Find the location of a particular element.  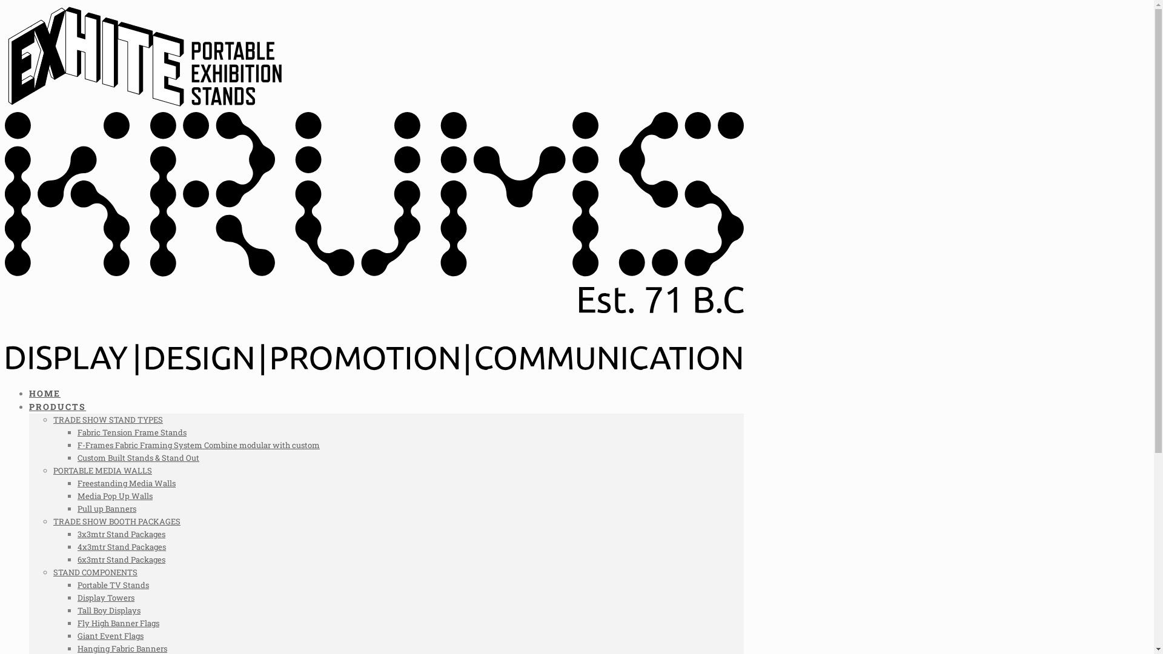

'Fabric Tension Frame Stands' is located at coordinates (131, 431).